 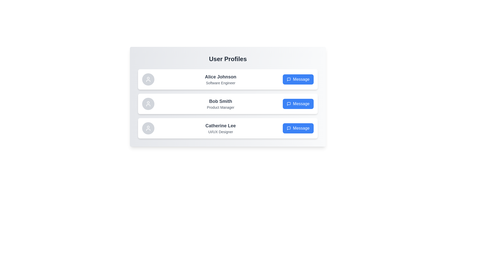 I want to click on the user profile of Catherine Lee, so click(x=227, y=128).